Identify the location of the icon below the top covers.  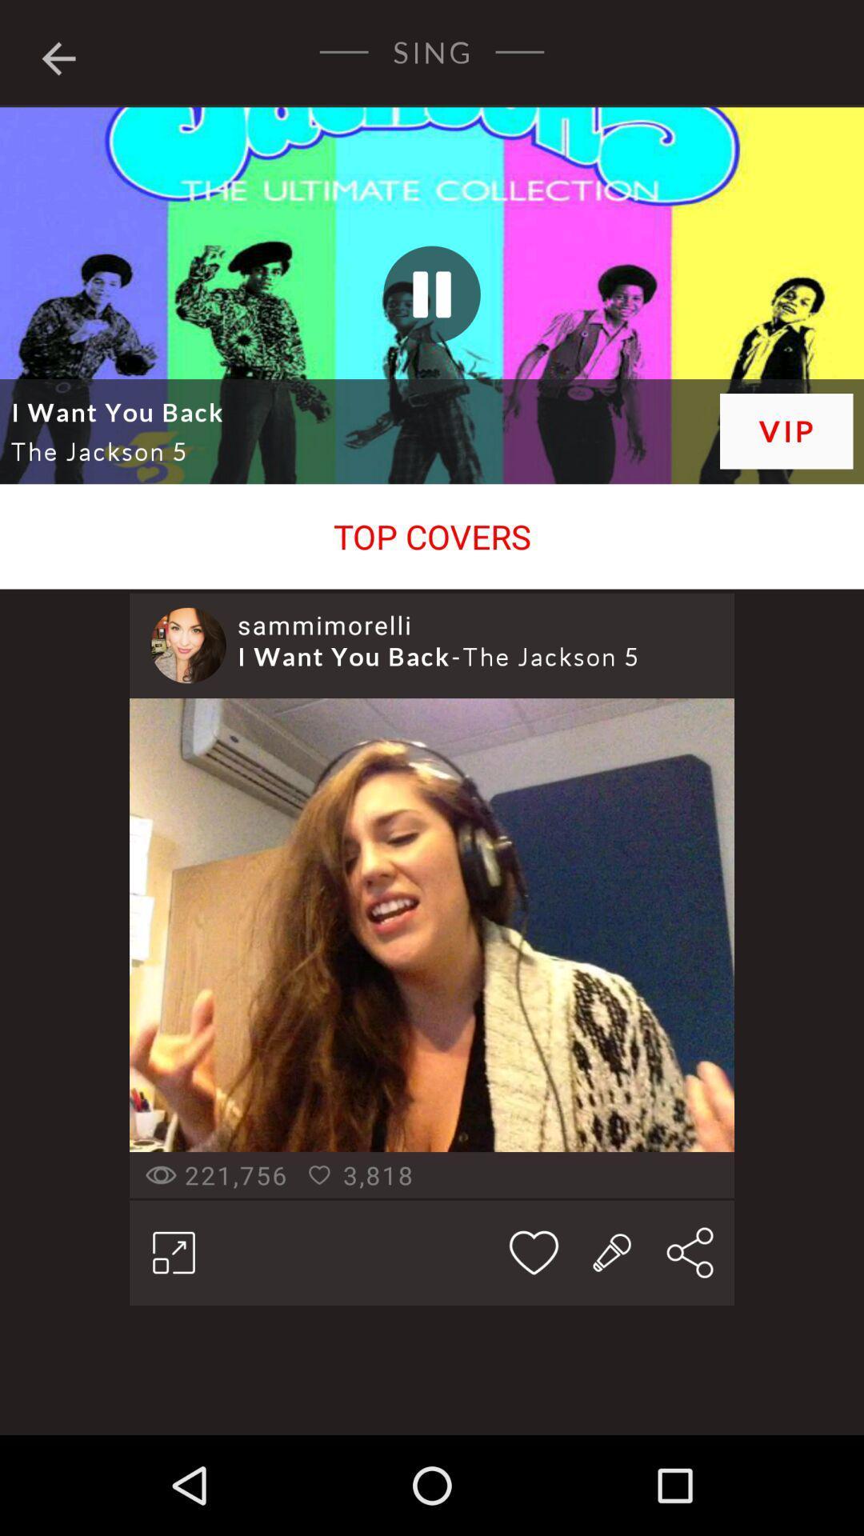
(324, 624).